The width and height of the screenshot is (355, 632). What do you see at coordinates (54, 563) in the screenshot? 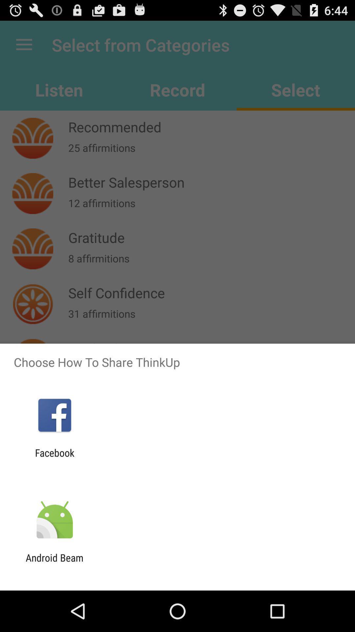
I see `the android beam` at bounding box center [54, 563].